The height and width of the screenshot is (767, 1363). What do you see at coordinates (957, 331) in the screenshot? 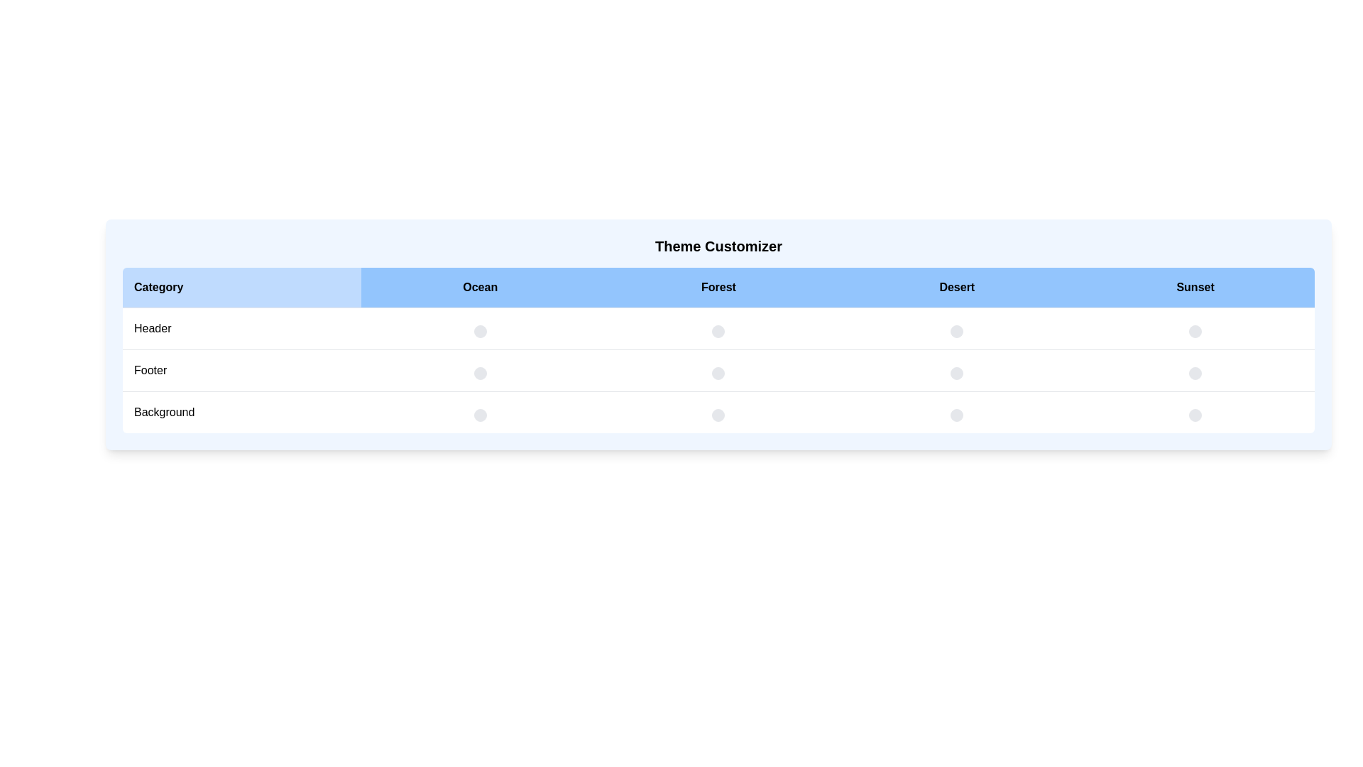
I see `the button in the first row under the 'Desert' column` at bounding box center [957, 331].